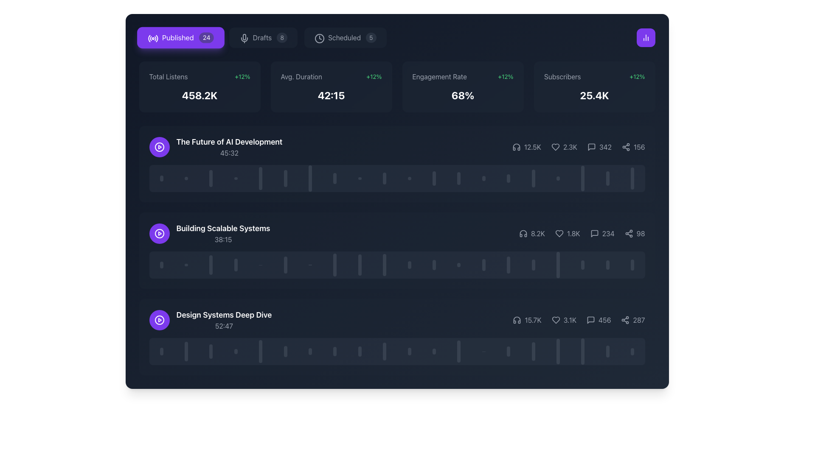  I want to click on the play button located inside the rounded violet button to initiate playback for 'The Future of AI Development', so click(159, 147).